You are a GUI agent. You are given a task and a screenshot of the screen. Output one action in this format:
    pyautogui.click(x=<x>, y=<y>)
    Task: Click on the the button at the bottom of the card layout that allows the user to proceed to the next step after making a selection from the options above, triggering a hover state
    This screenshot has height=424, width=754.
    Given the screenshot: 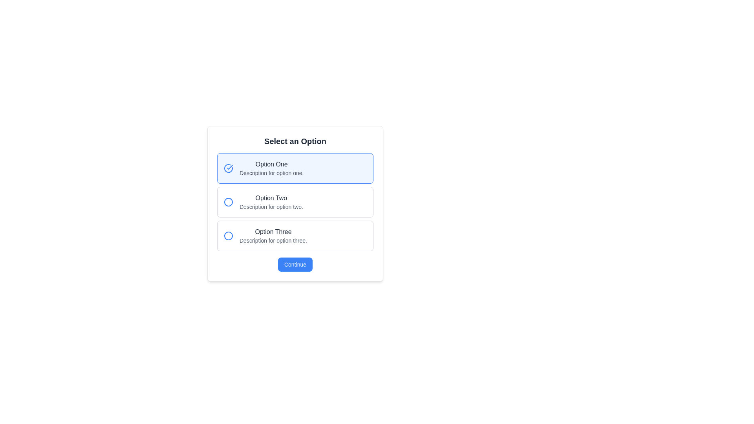 What is the action you would take?
    pyautogui.click(x=295, y=265)
    